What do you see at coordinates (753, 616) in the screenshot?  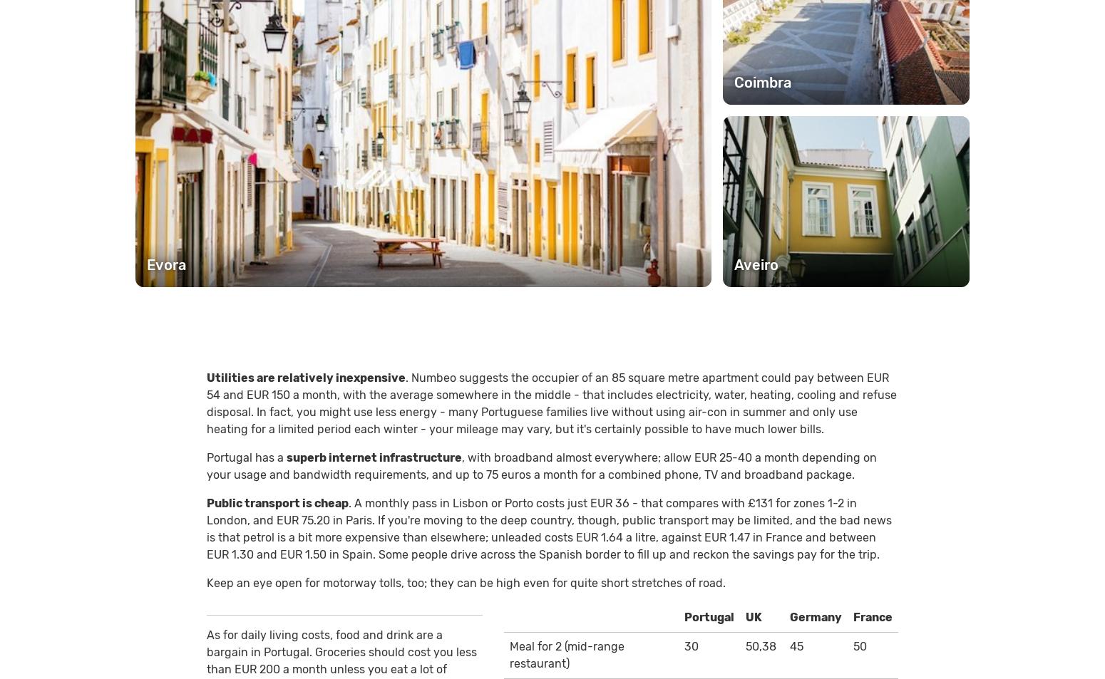 I see `'UK'` at bounding box center [753, 616].